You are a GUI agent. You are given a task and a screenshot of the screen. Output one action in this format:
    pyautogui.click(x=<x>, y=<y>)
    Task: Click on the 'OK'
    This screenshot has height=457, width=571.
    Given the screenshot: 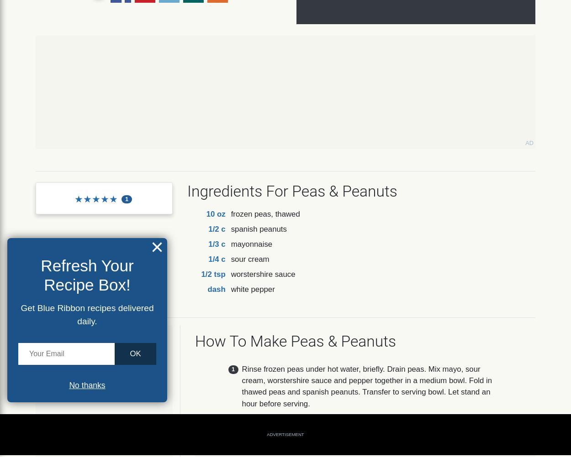 What is the action you would take?
    pyautogui.click(x=135, y=353)
    